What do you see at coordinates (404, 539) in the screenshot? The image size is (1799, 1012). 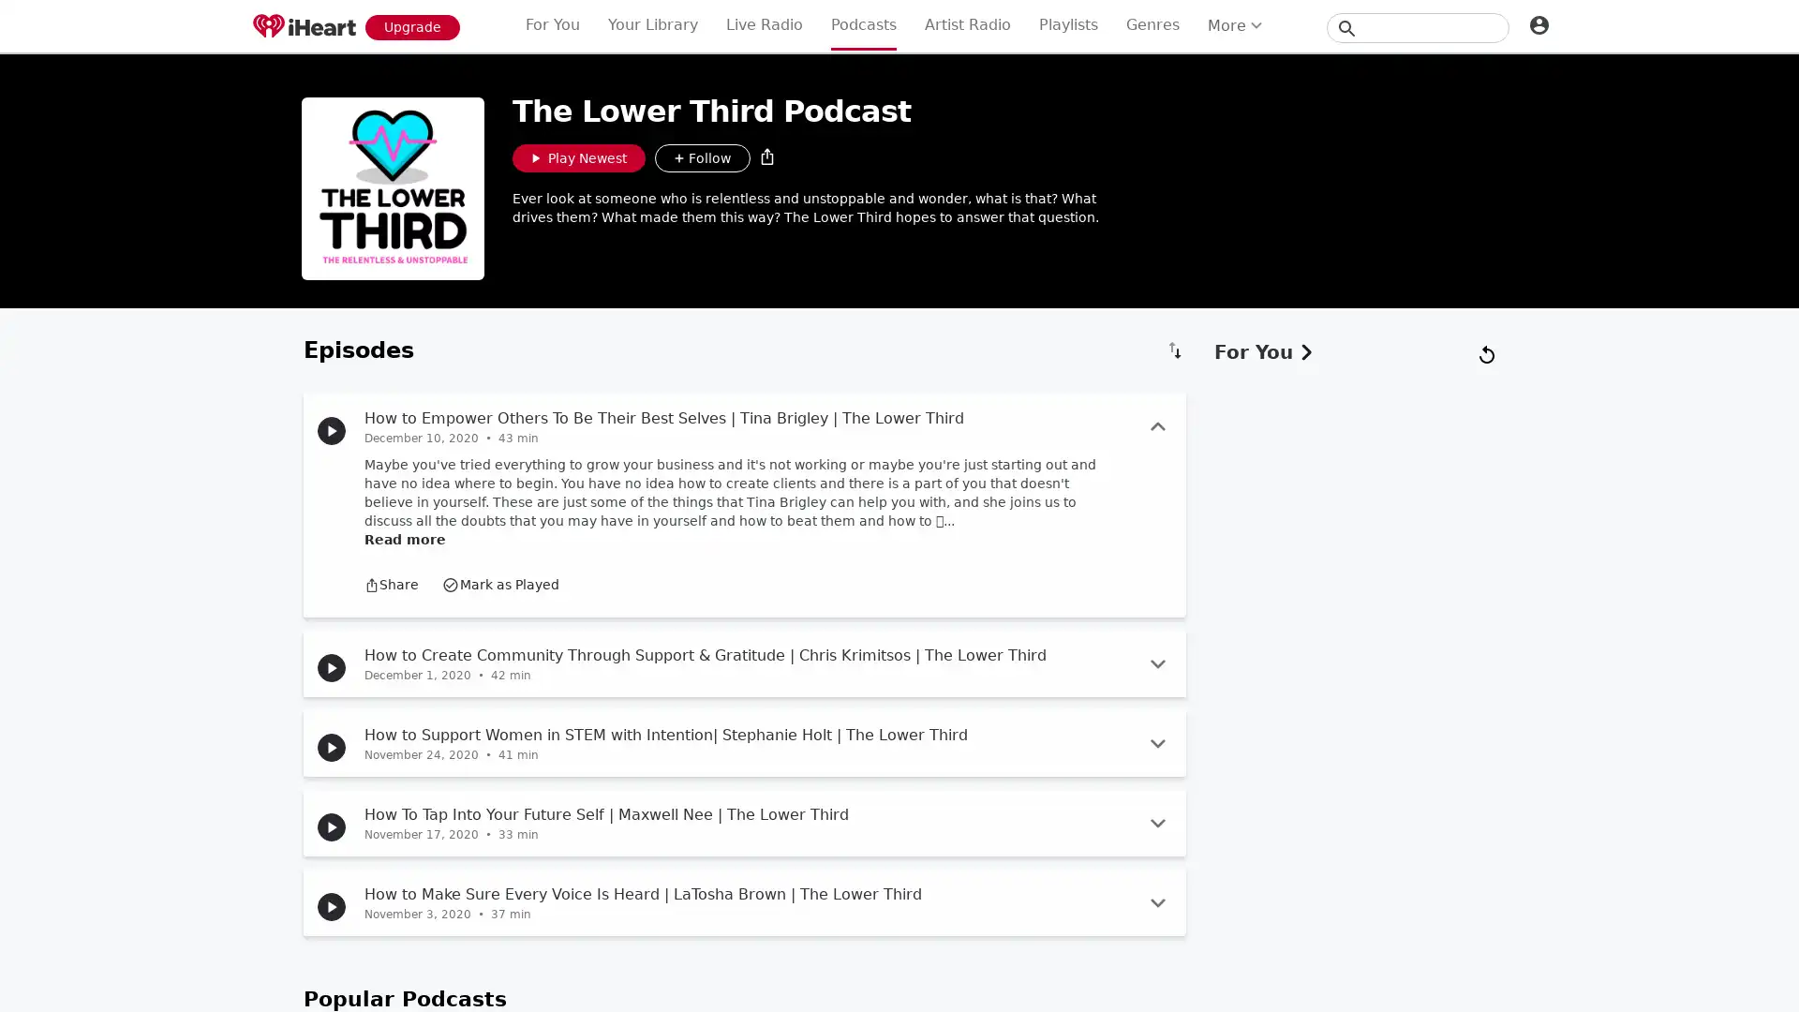 I see `Read more` at bounding box center [404, 539].